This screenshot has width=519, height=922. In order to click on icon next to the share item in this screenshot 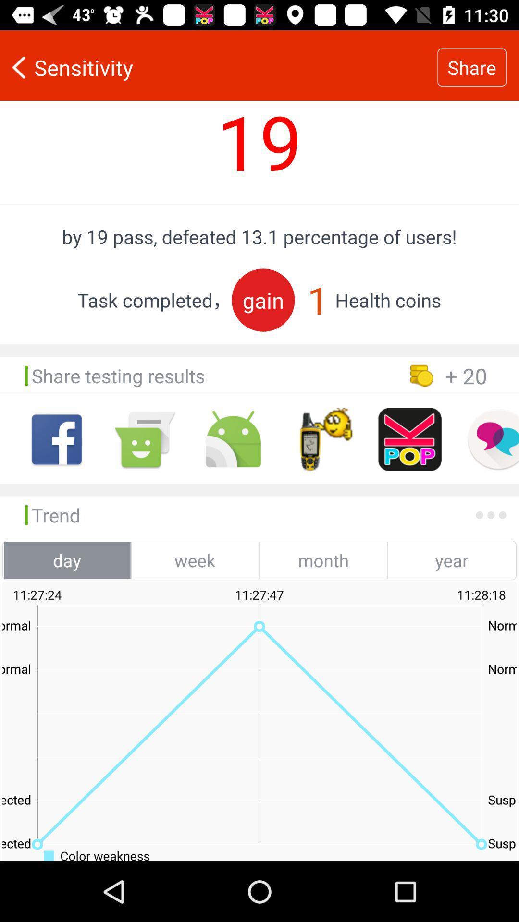, I will do `click(219, 67)`.